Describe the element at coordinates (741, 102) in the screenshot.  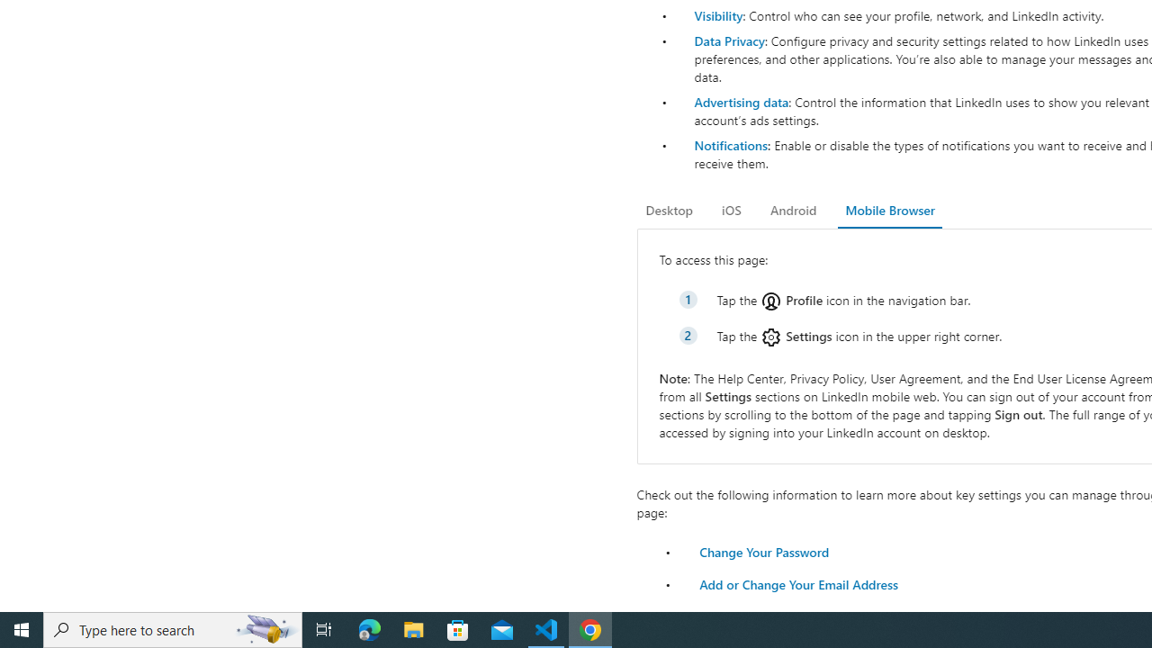
I see `'Advertising data'` at that location.